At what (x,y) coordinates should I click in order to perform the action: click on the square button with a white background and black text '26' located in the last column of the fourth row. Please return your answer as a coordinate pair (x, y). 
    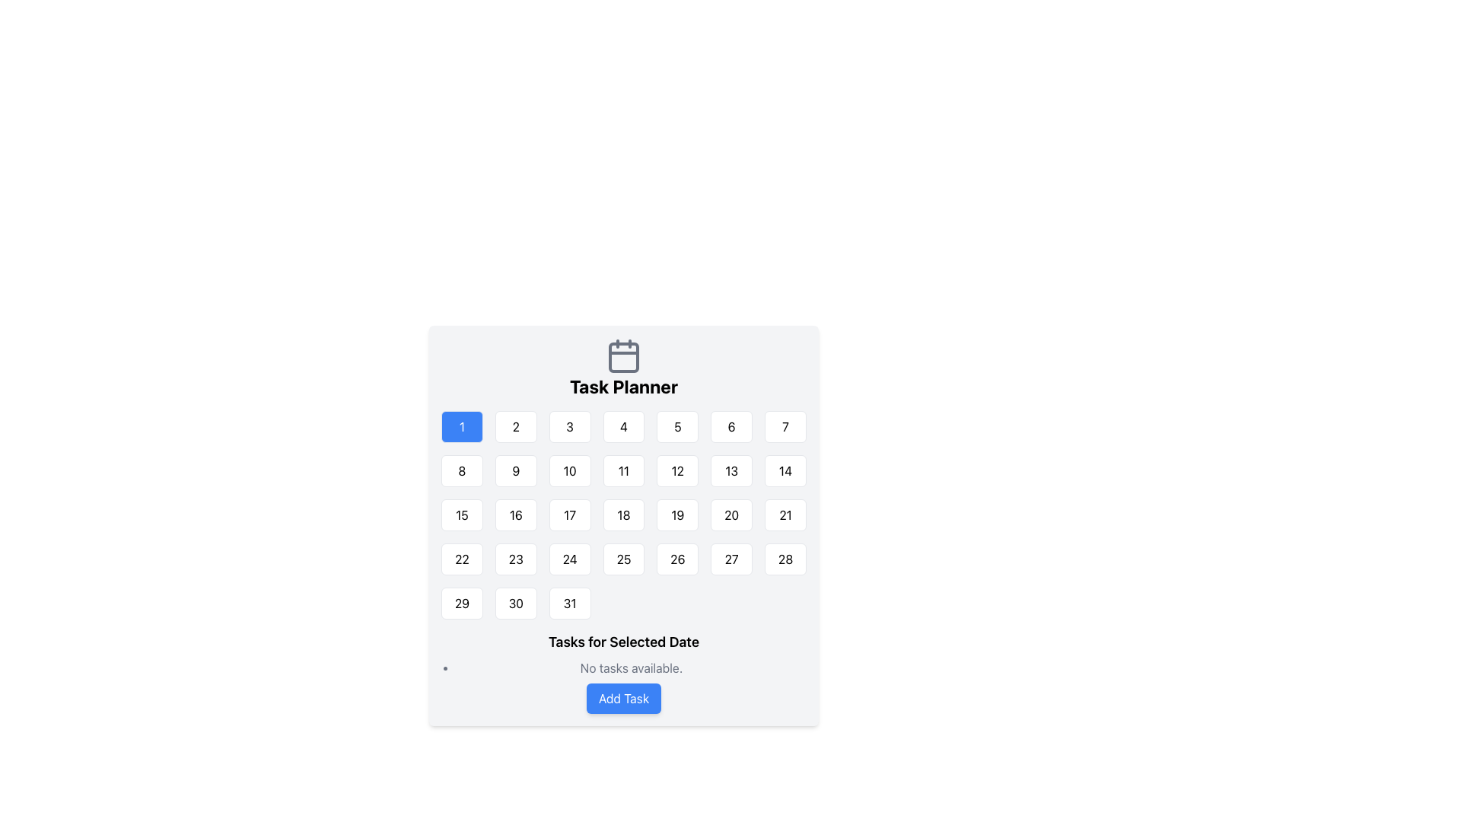
    Looking at the image, I should click on (676, 559).